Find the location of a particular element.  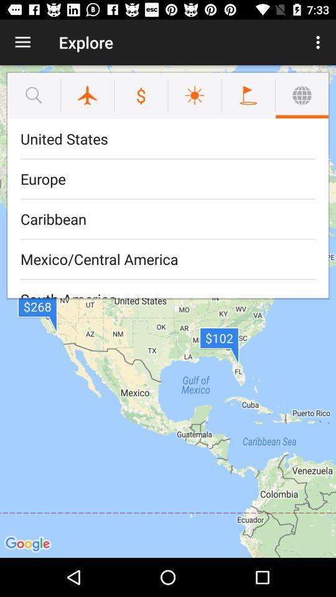

the icon to the right of explore is located at coordinates (319, 42).